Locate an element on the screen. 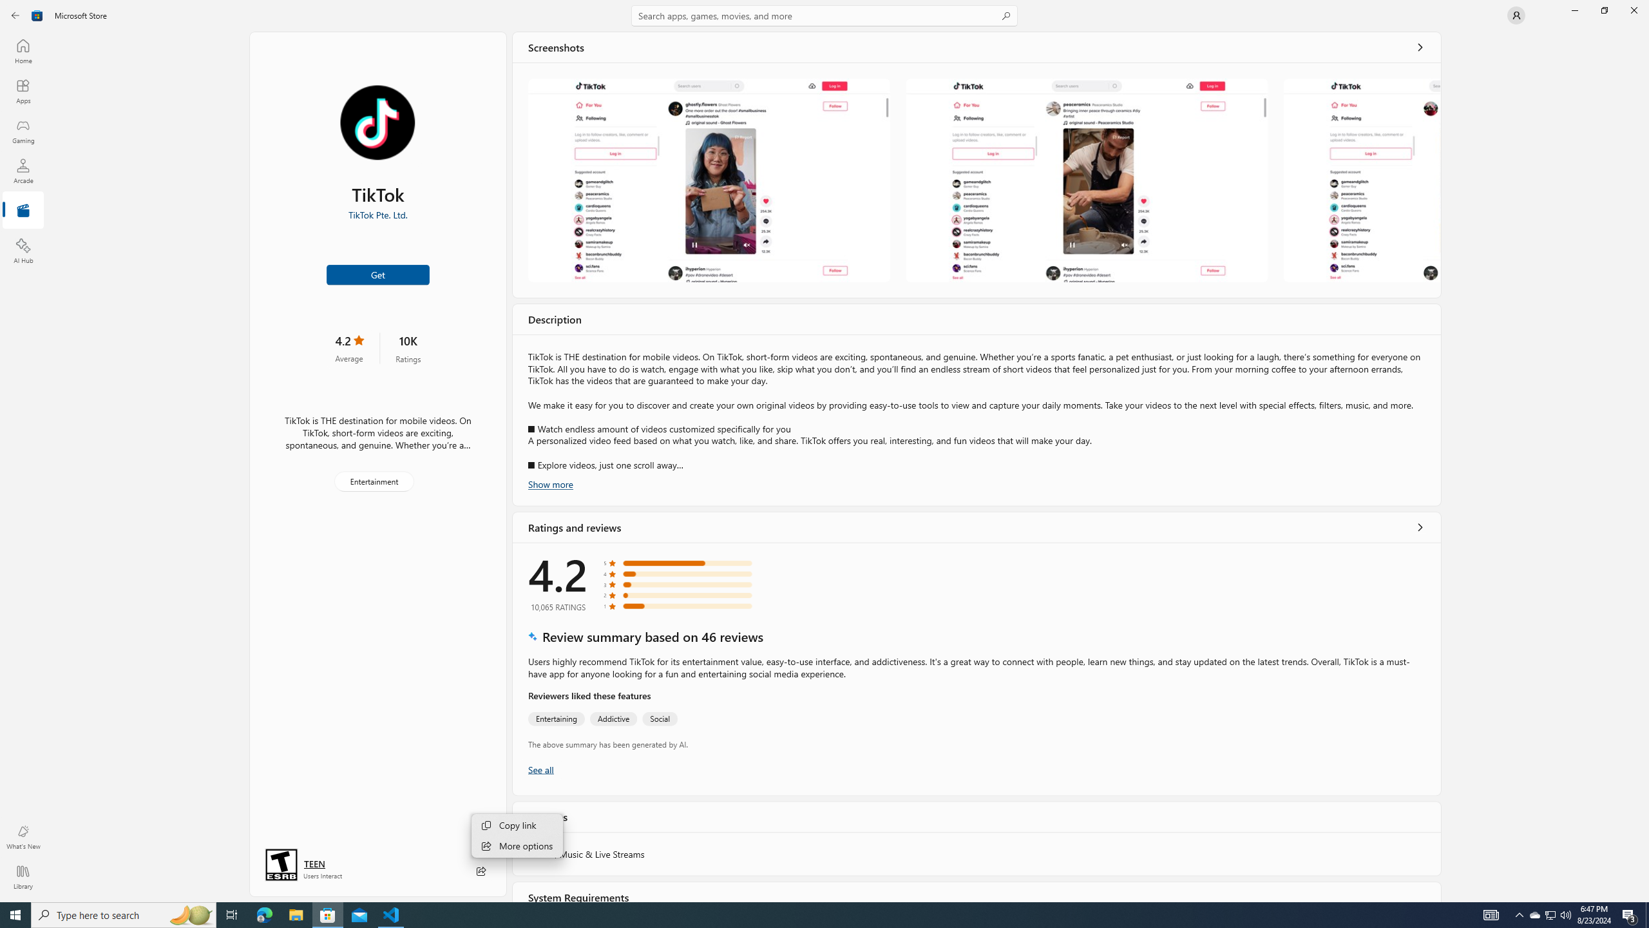 The width and height of the screenshot is (1649, 928). 'Age rating: TEEN. Click for more information.' is located at coordinates (313, 864).